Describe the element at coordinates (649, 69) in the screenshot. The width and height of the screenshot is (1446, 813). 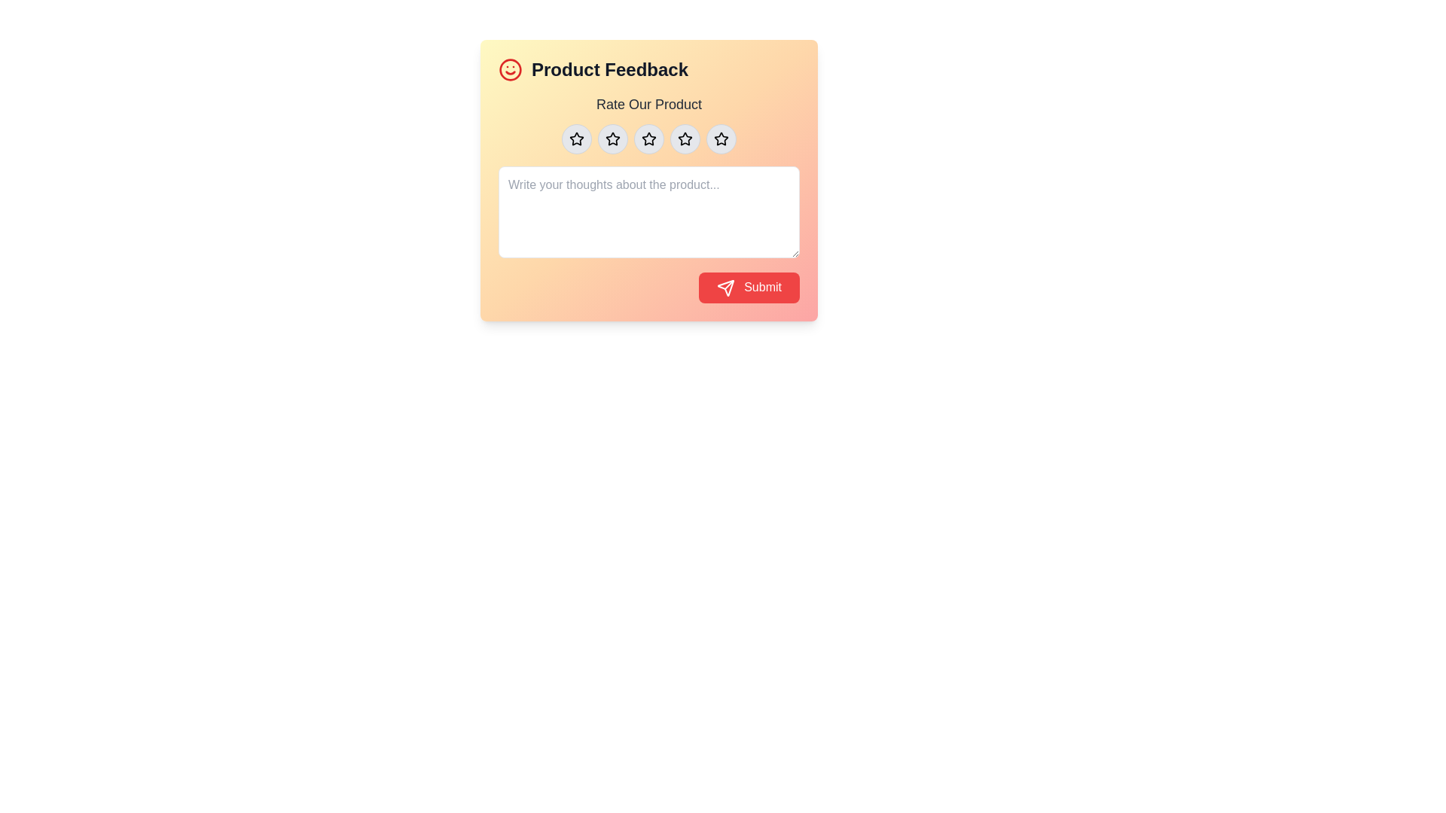
I see `the 'Product Feedback' heading element` at that location.